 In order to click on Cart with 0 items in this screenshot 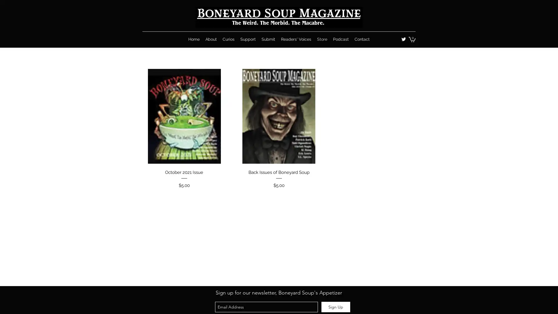, I will do `click(412, 39)`.